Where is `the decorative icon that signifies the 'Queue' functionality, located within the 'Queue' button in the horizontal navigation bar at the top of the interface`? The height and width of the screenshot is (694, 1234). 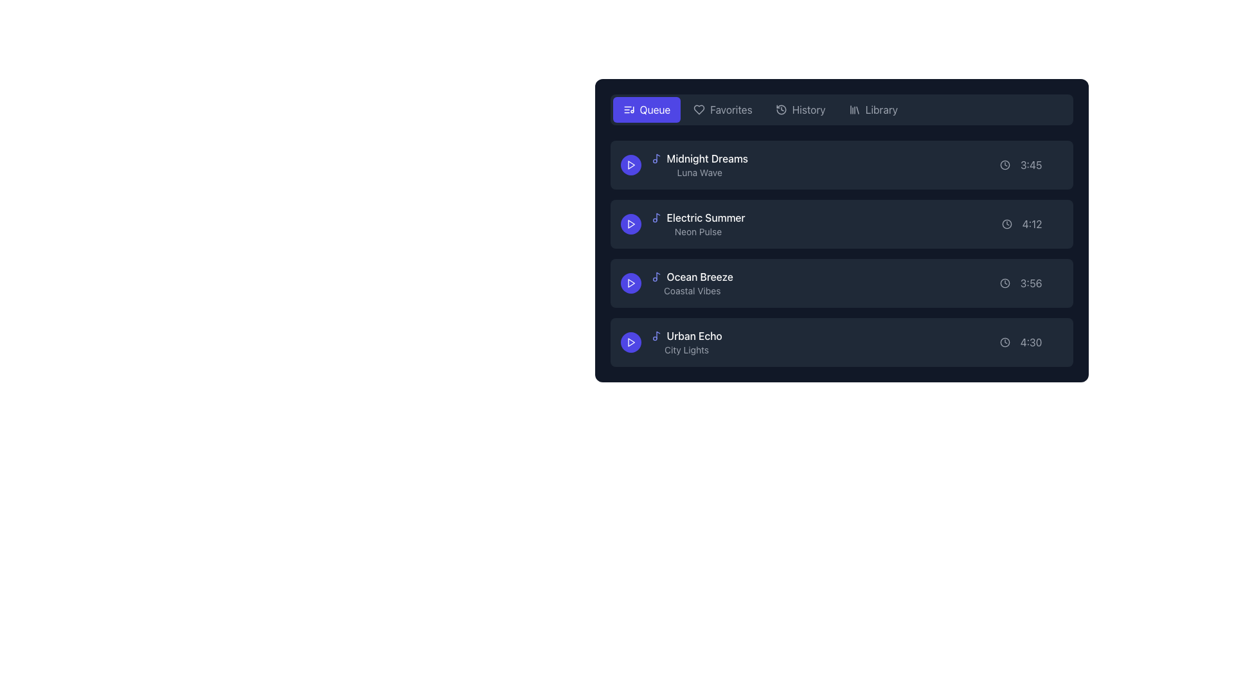
the decorative icon that signifies the 'Queue' functionality, located within the 'Queue' button in the horizontal navigation bar at the top of the interface is located at coordinates (629, 109).